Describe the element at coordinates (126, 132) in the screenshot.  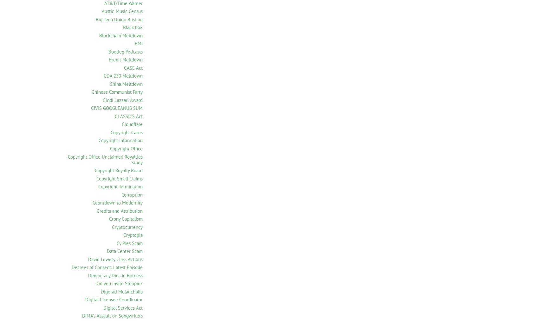
I see `'Copyright Cases'` at that location.